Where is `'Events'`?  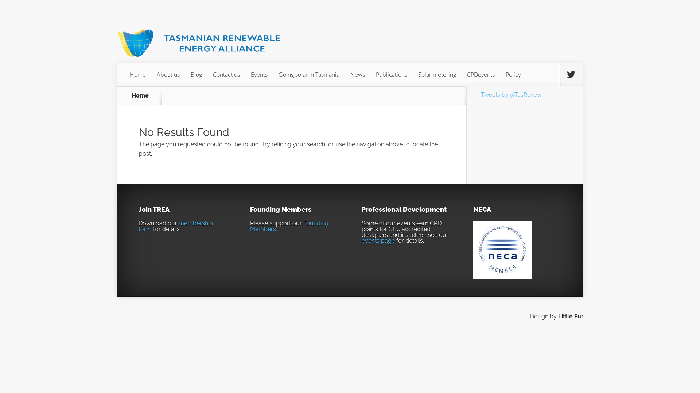
'Events' is located at coordinates (245, 74).